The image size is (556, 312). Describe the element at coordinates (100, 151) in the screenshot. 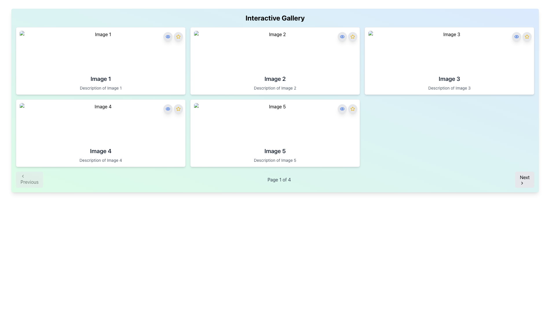

I see `the Text Label that serves as the title for the content block associated with 'Image 4' in the gallery interface, positioned in the first column of the central row` at that location.